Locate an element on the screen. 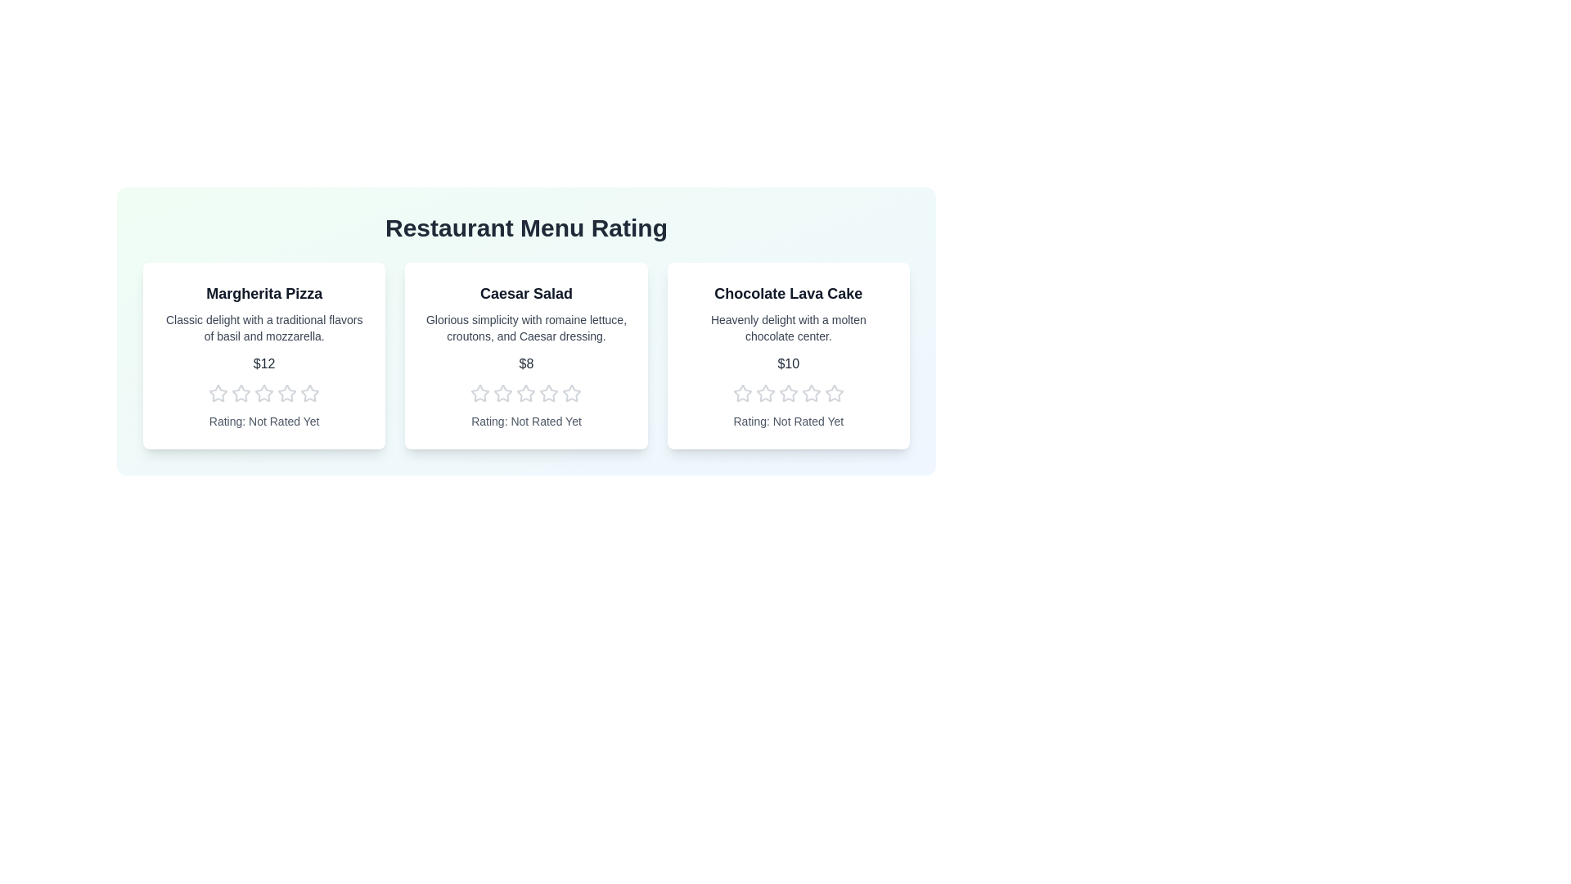 Image resolution: width=1571 pixels, height=884 pixels. the star corresponding to the desired rating 2 for the menu item Caesar Salad is located at coordinates (502, 394).